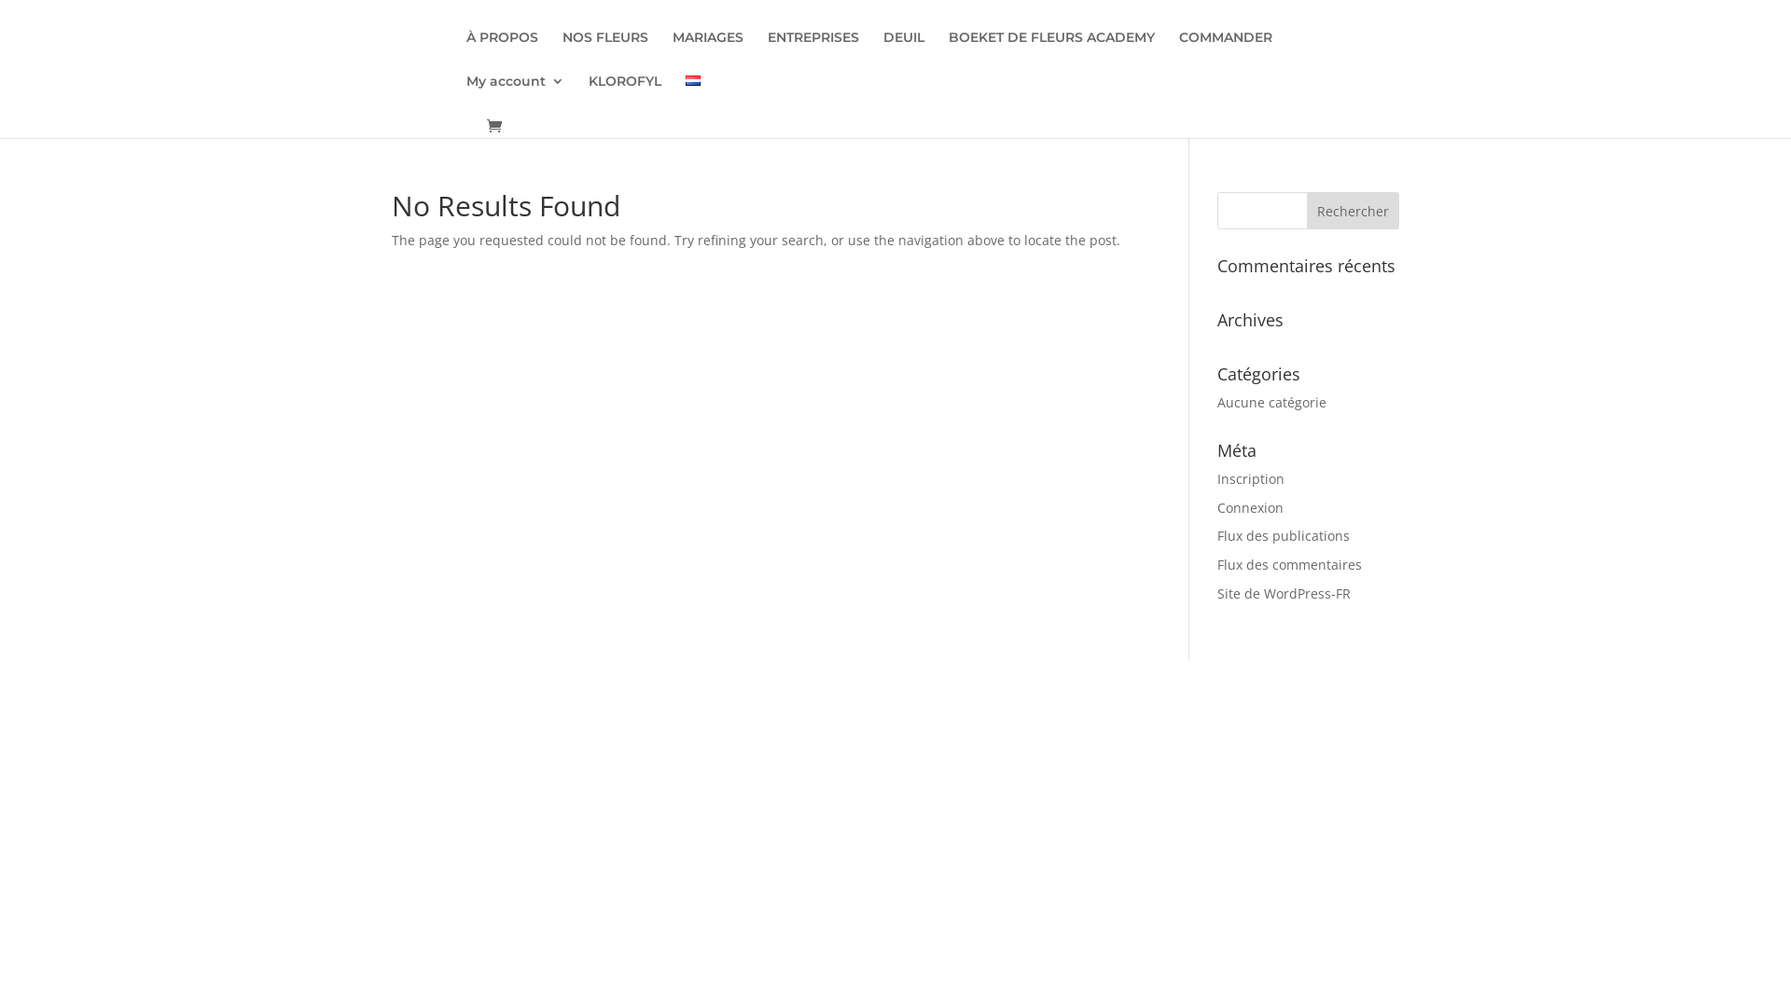  Describe the element at coordinates (1051, 51) in the screenshot. I see `'BOEKET DE FLEURS ACADEMY'` at that location.